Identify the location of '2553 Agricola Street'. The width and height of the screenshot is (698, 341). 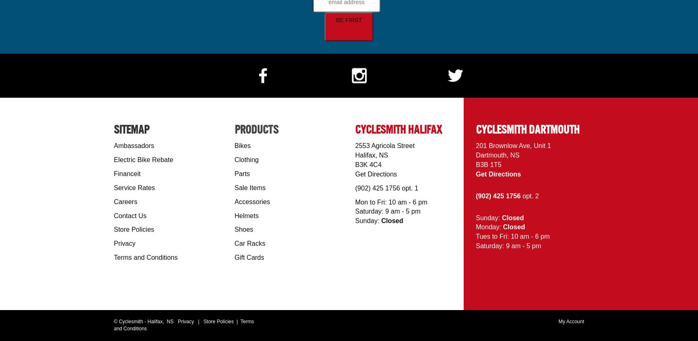
(355, 145).